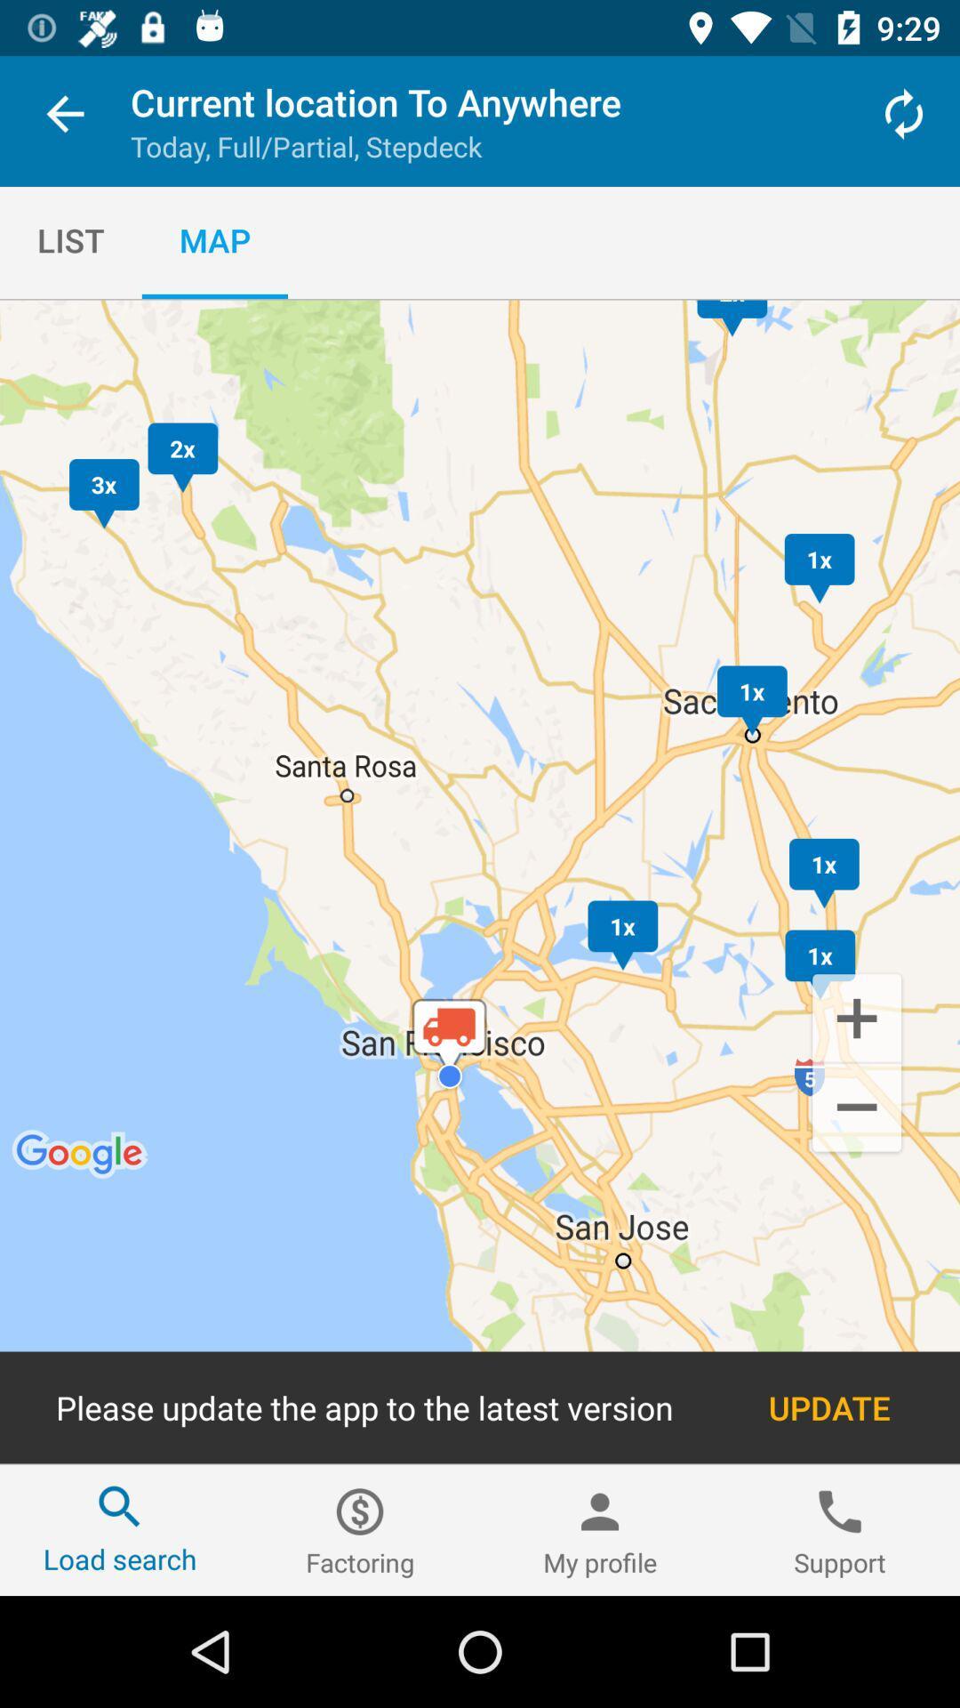  I want to click on the add icon, so click(856, 1016).